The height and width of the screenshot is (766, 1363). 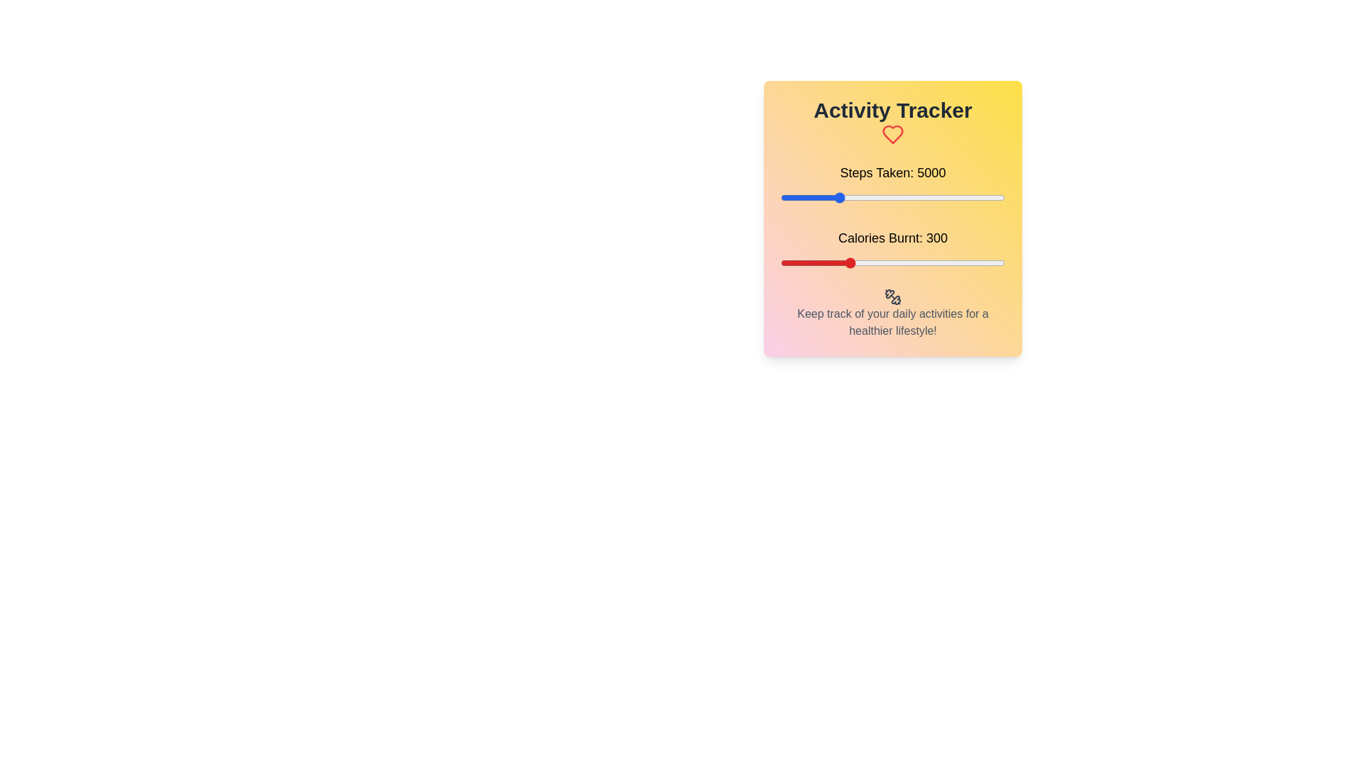 What do you see at coordinates (892, 322) in the screenshot?
I see `the static text element that provides motivational information, located at the bottom of the interface with a yellow gradient background` at bounding box center [892, 322].